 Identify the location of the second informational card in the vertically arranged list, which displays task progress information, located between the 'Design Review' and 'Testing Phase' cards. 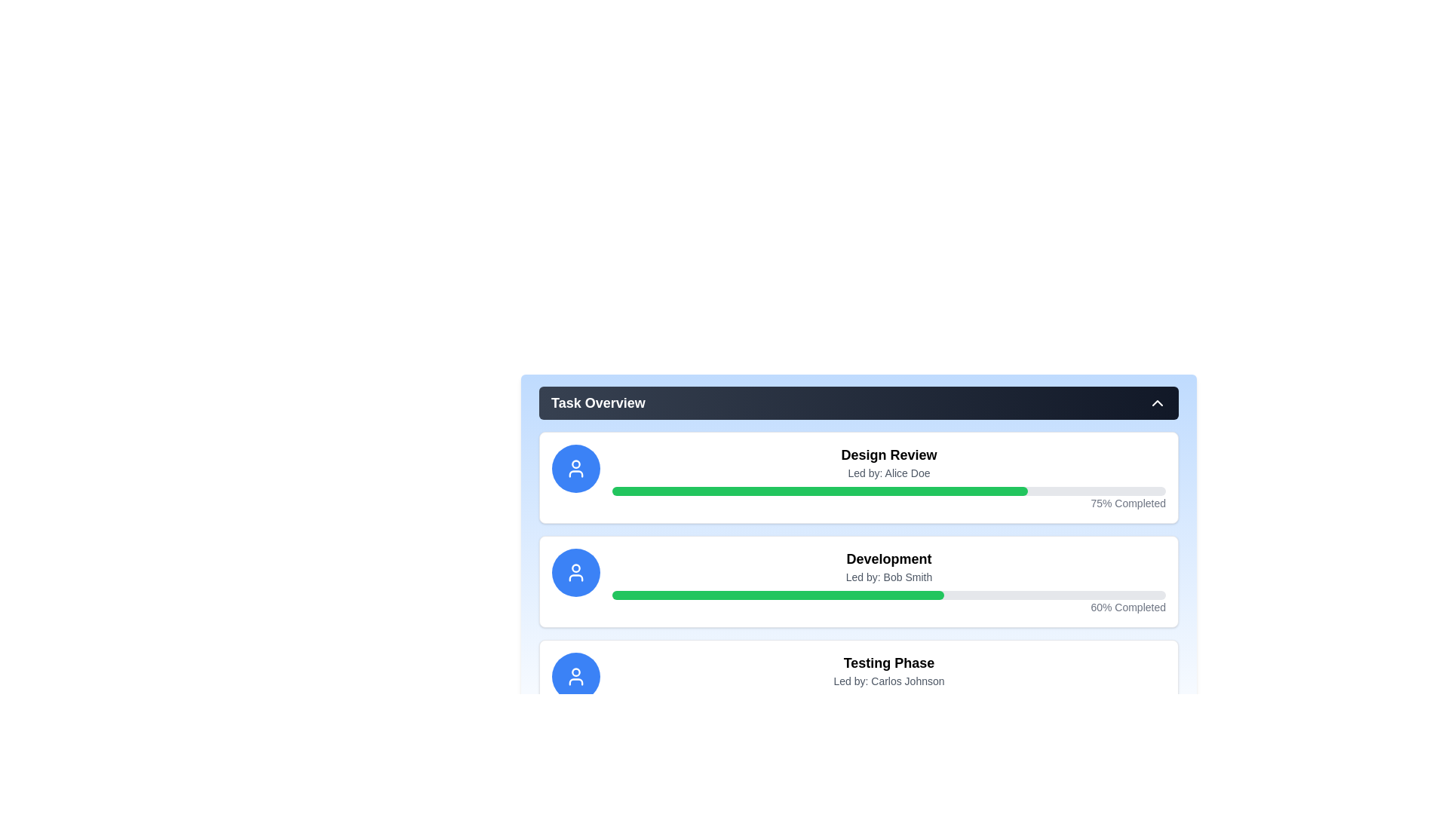
(858, 580).